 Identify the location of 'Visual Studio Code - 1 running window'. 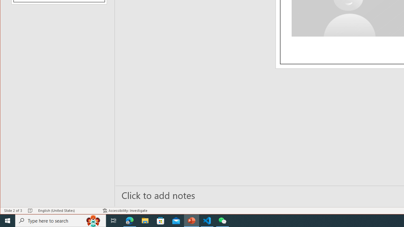
(207, 220).